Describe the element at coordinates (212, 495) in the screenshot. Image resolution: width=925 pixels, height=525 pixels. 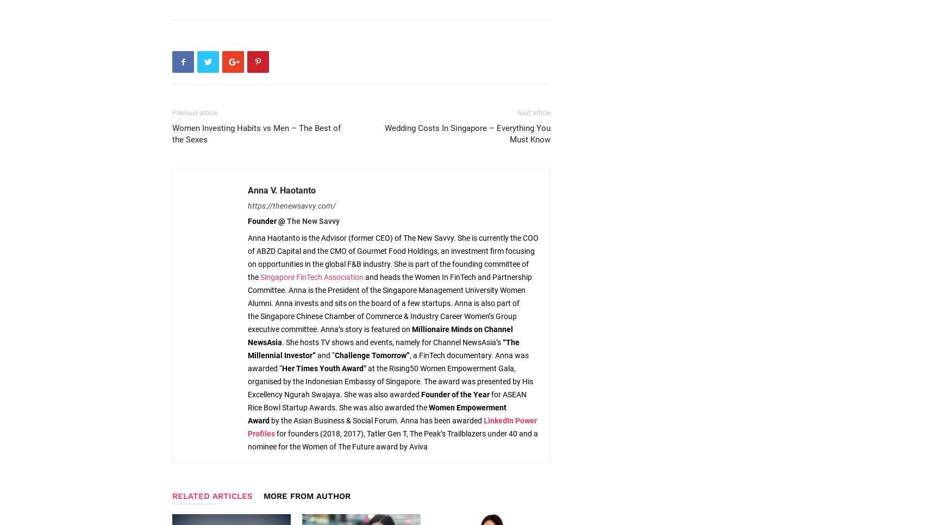
I see `'RELATED ARTICLES'` at that location.